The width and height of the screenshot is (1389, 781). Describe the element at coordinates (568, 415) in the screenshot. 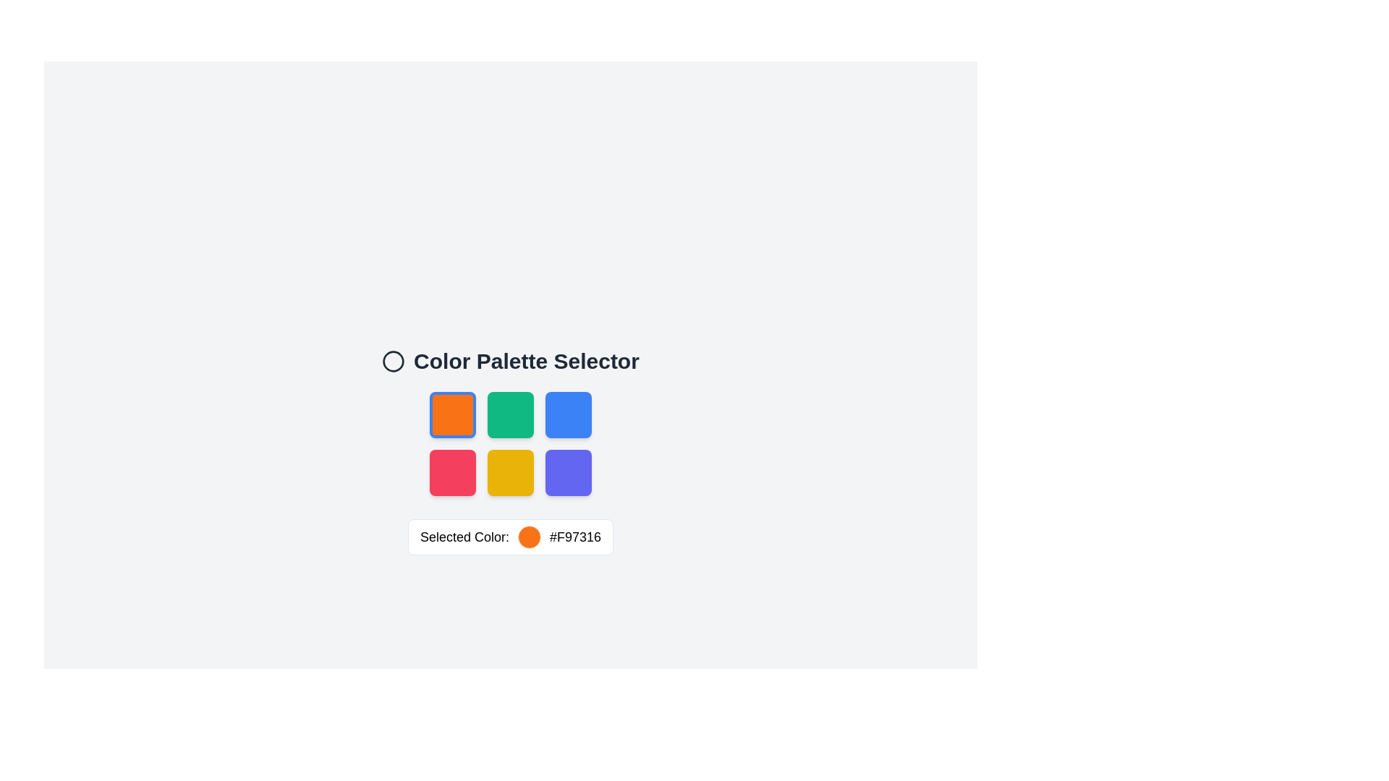

I see `the blue color selector button, which is the third square in the top row of the color palette grid` at that location.